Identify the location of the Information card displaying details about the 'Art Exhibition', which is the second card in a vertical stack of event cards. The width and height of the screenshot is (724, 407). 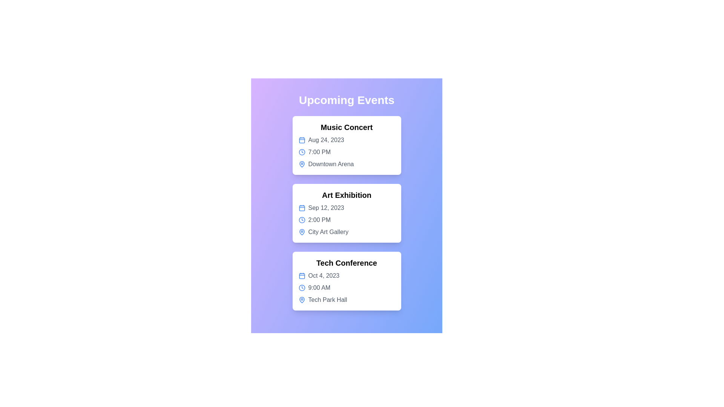
(346, 213).